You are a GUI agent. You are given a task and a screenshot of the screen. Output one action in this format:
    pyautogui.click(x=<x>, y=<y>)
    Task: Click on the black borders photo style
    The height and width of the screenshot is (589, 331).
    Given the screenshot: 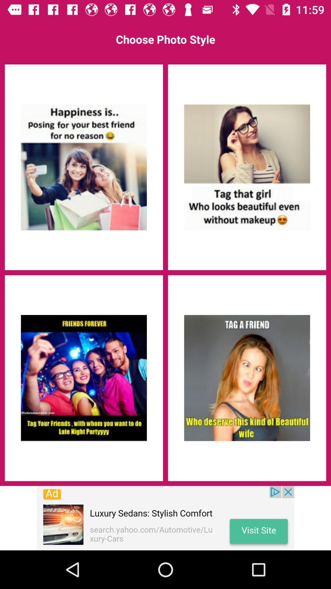 What is the action you would take?
    pyautogui.click(x=84, y=378)
    